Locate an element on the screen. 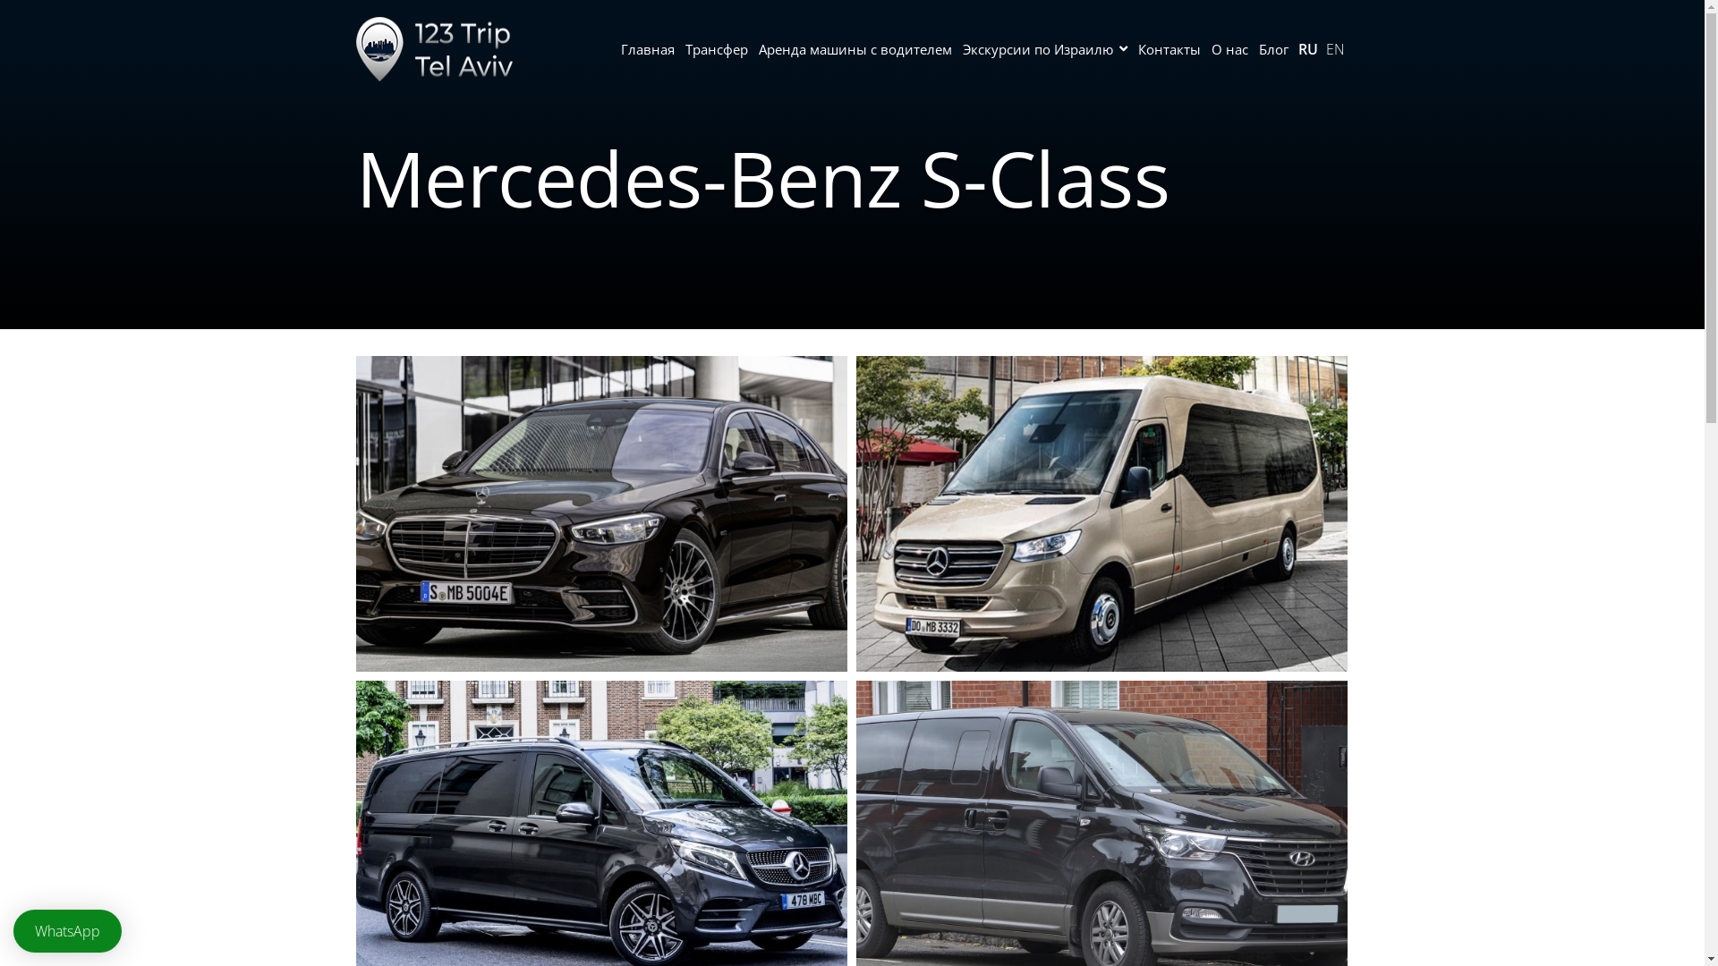 This screenshot has height=966, width=1718. 'EN' is located at coordinates (1335, 47).